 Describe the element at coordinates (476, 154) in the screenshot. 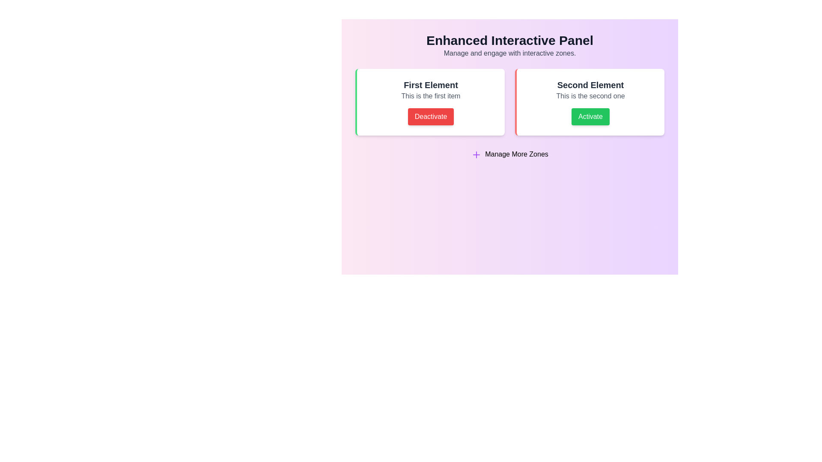

I see `the plus icon with a purple stroke, which is located directly preceding the text 'Manage More Zones'` at that location.